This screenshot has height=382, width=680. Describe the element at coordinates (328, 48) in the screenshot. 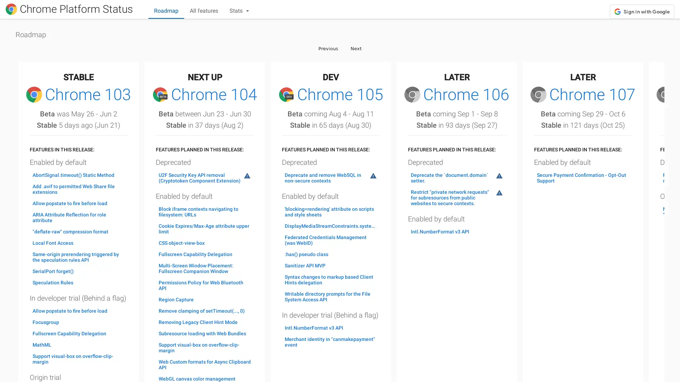

I see `Button to move to previous release` at that location.